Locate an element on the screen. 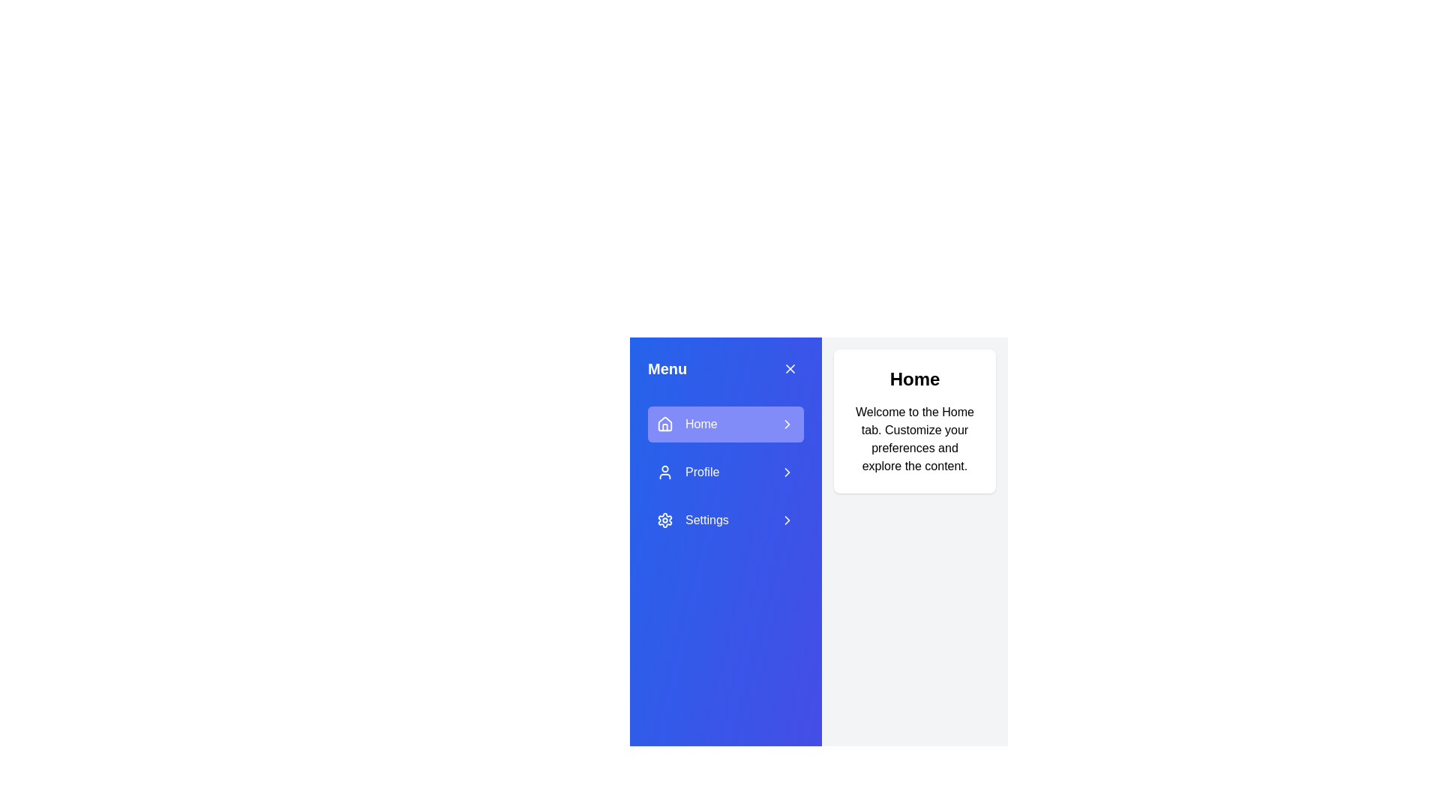 The height and width of the screenshot is (810, 1440). the small, right-facing arrow icon located at the right end of the 'Home' row in the navigation bar on the left panel, as it is keyboard navigable is located at coordinates (787, 424).